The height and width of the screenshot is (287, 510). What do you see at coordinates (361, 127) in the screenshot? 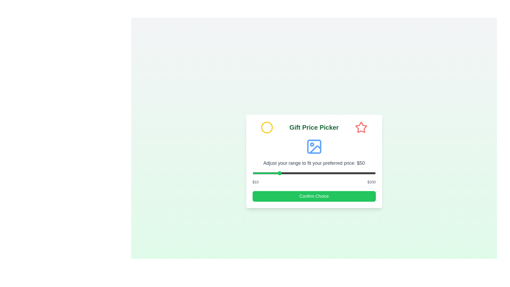
I see `the decorative icon star` at bounding box center [361, 127].